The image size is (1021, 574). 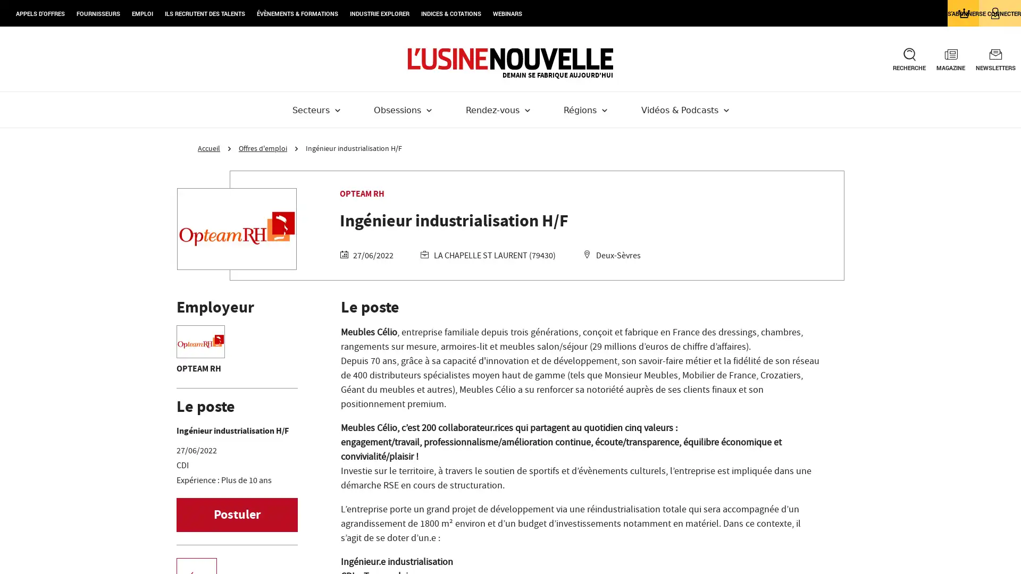 I want to click on Agree to our data processing and close, so click(x=558, y=383).